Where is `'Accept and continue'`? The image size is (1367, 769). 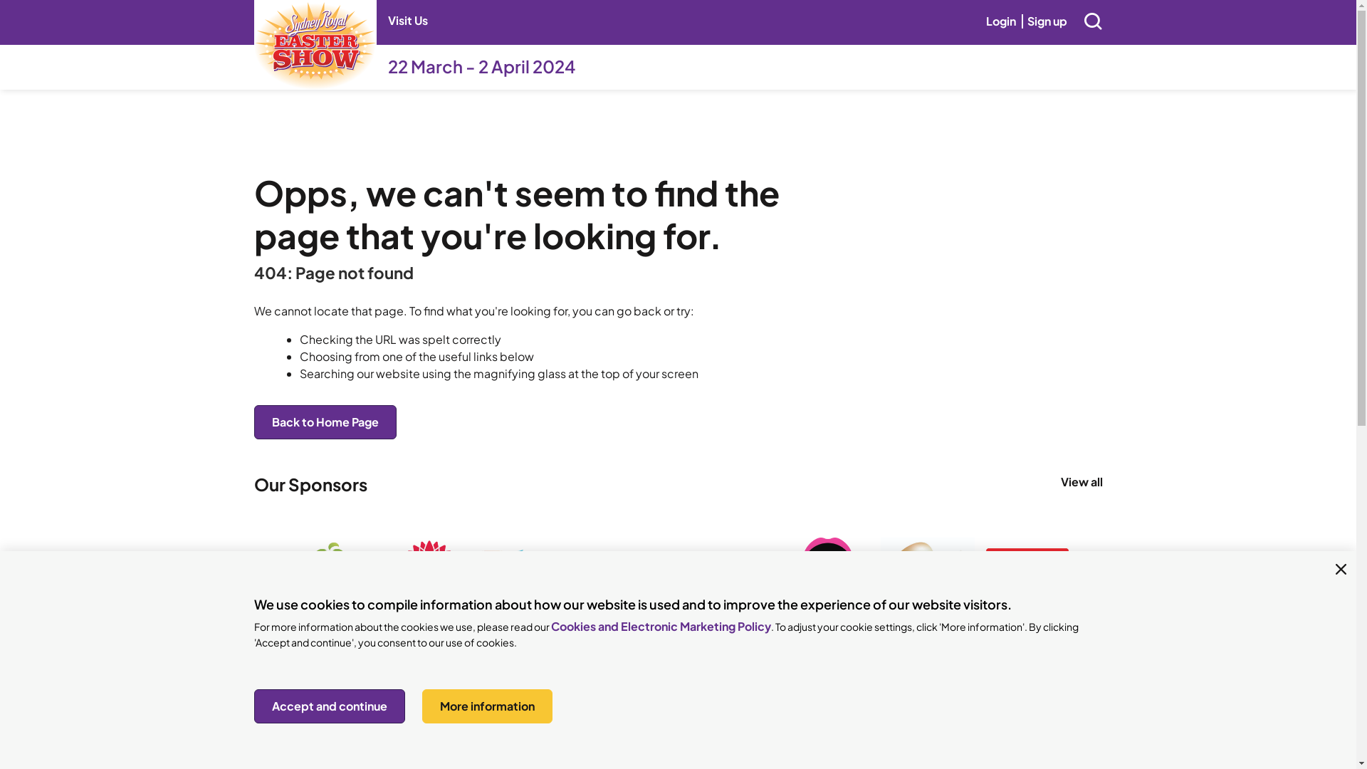 'Accept and continue' is located at coordinates (328, 706).